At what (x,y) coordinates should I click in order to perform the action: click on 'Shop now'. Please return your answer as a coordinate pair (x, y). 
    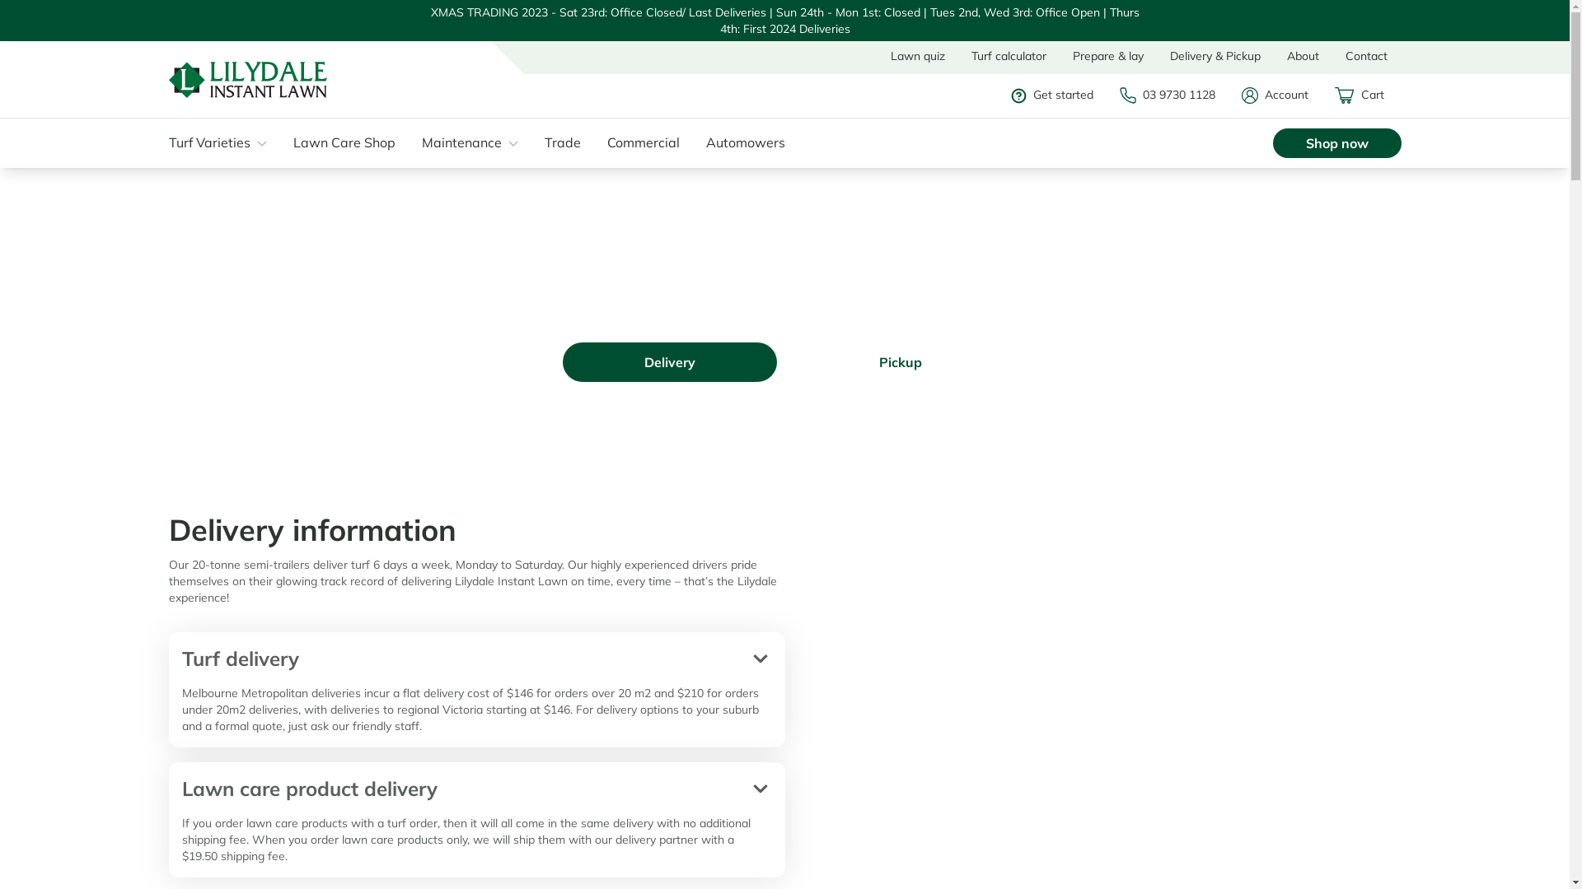
    Looking at the image, I should click on (1336, 142).